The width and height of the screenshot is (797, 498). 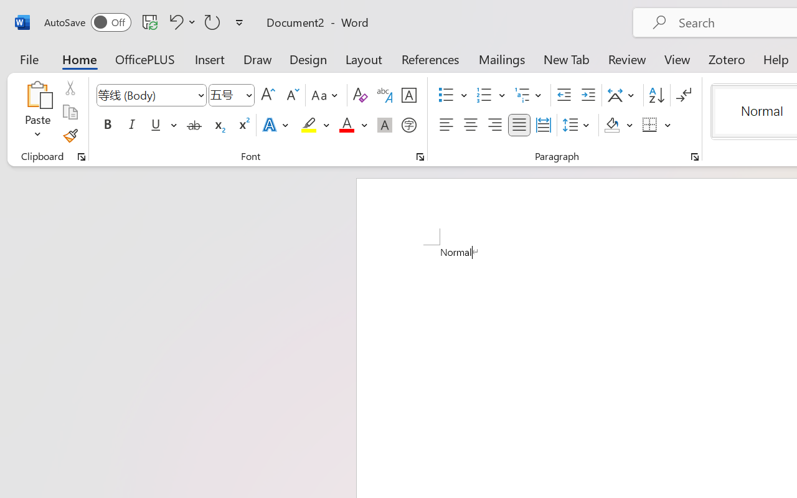 What do you see at coordinates (225, 95) in the screenshot?
I see `'Font Size'` at bounding box center [225, 95].